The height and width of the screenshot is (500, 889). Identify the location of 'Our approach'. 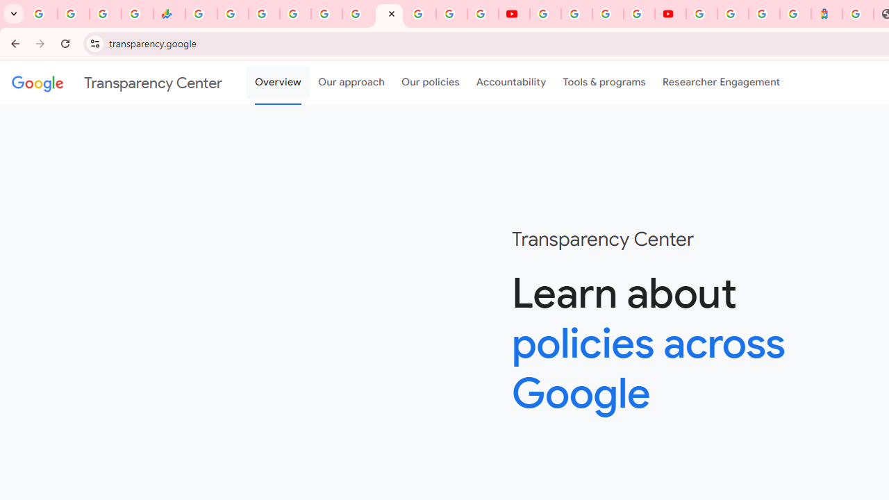
(351, 83).